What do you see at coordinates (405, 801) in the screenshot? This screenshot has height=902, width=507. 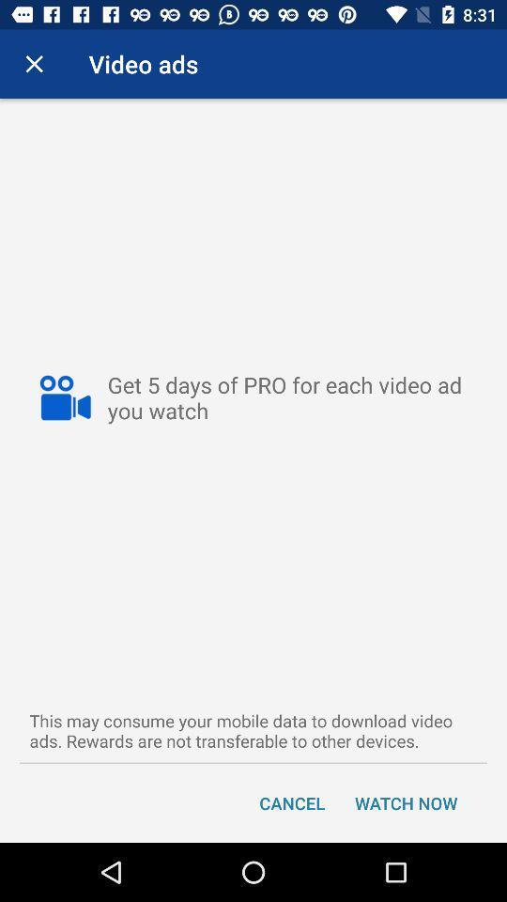 I see `the item to the right of the cancel item` at bounding box center [405, 801].